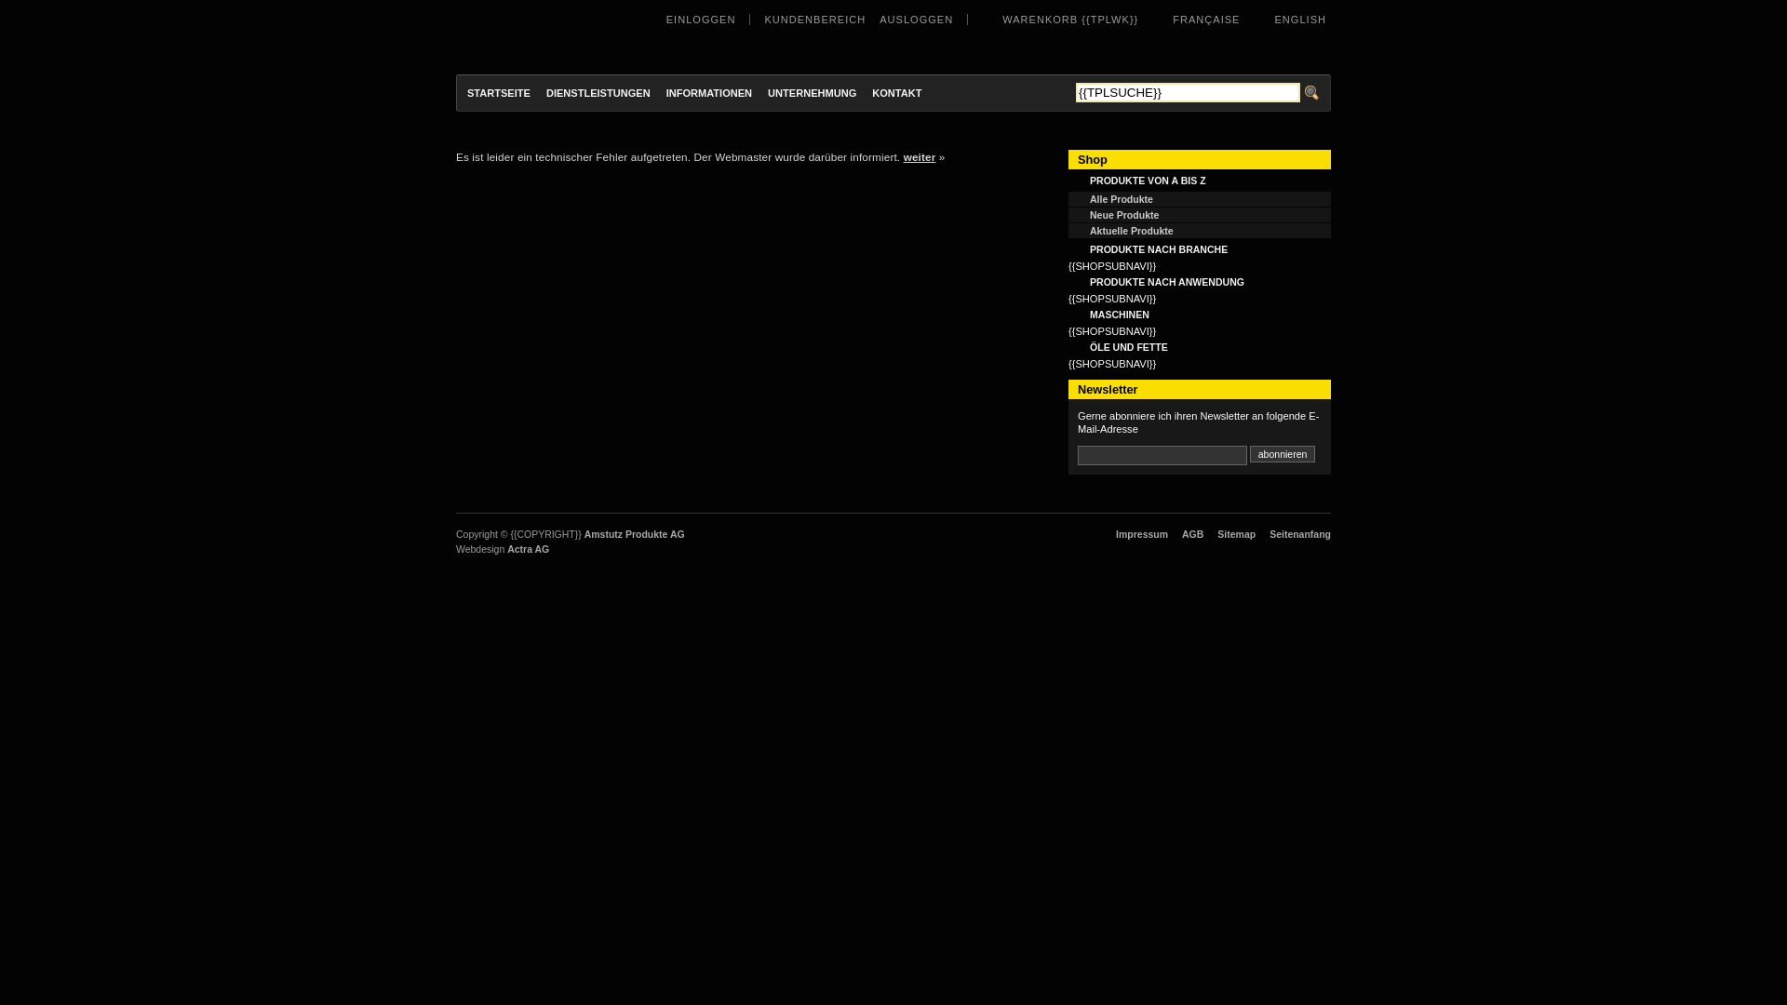  I want to click on 'PRODUKTE NACH BRANCHE', so click(1200, 248).